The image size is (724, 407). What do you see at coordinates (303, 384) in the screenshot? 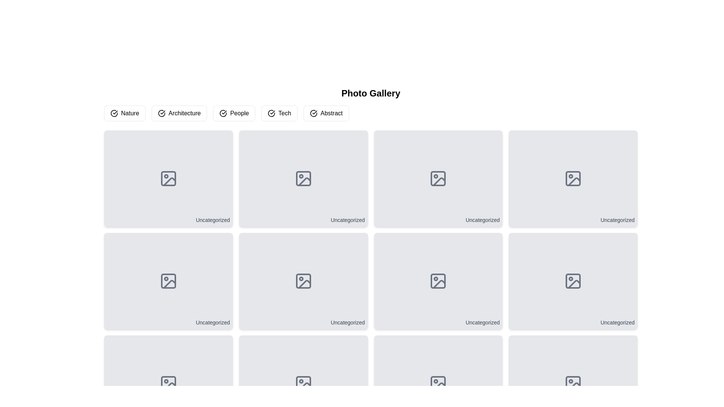
I see `the small rectangular decorative shape with rounded corners, which has a gray border and is located within the photo icon in the lower right of the interface` at bounding box center [303, 384].